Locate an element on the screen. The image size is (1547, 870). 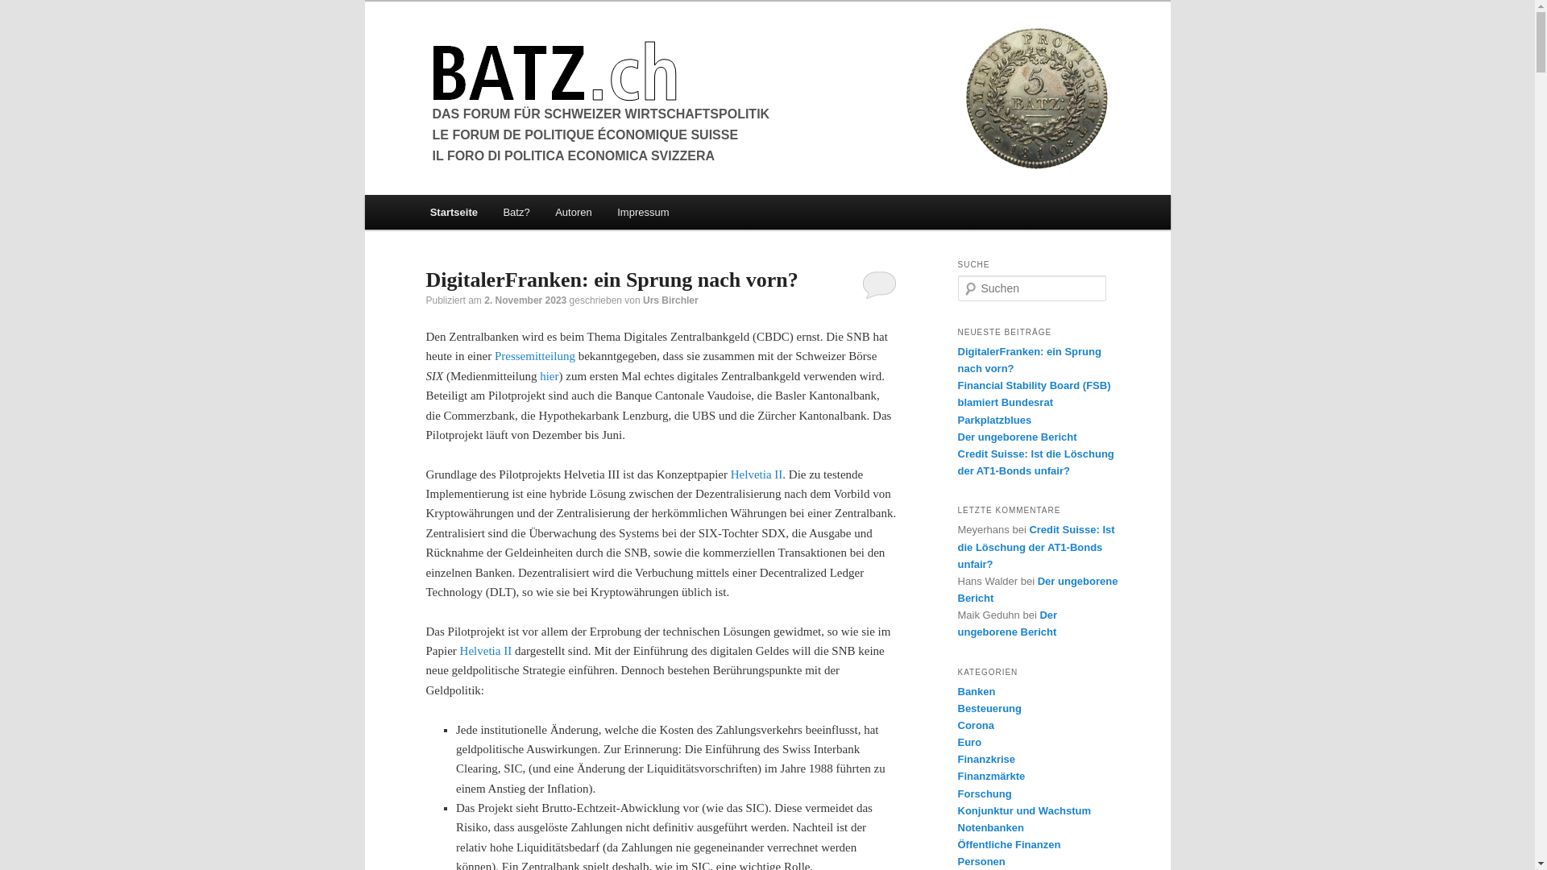
'hier' is located at coordinates (549, 375).